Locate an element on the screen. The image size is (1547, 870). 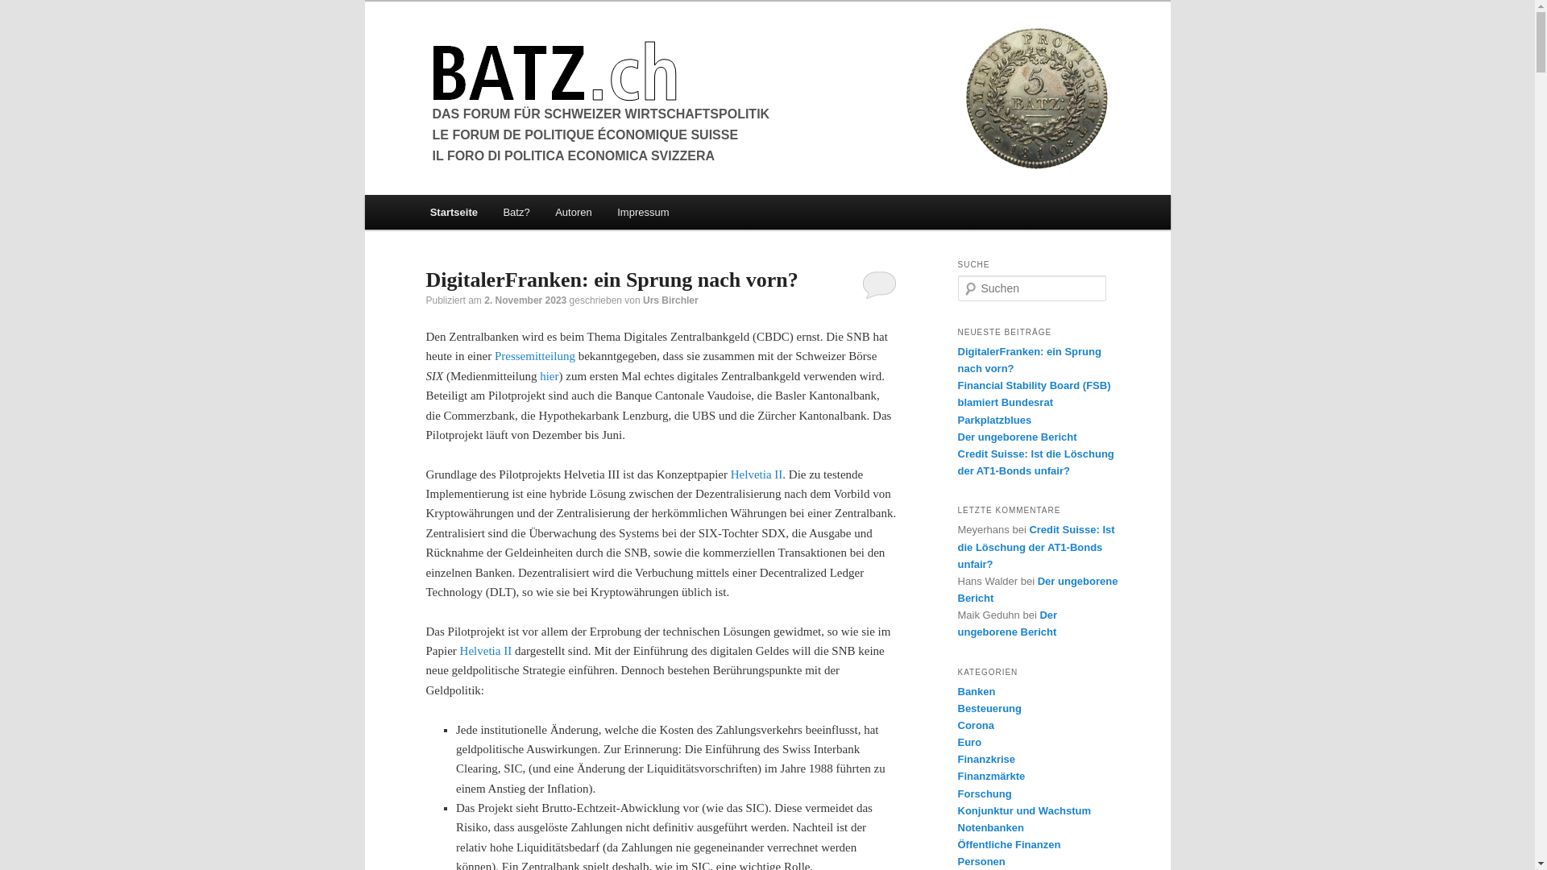
'hier' is located at coordinates (549, 375).